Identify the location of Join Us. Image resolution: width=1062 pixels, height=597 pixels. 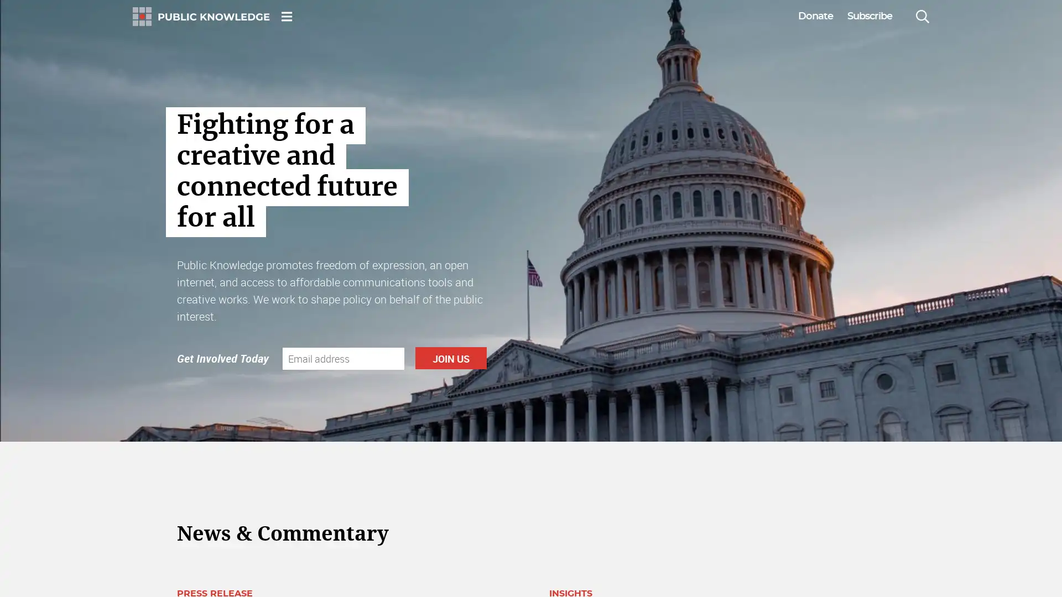
(451, 358).